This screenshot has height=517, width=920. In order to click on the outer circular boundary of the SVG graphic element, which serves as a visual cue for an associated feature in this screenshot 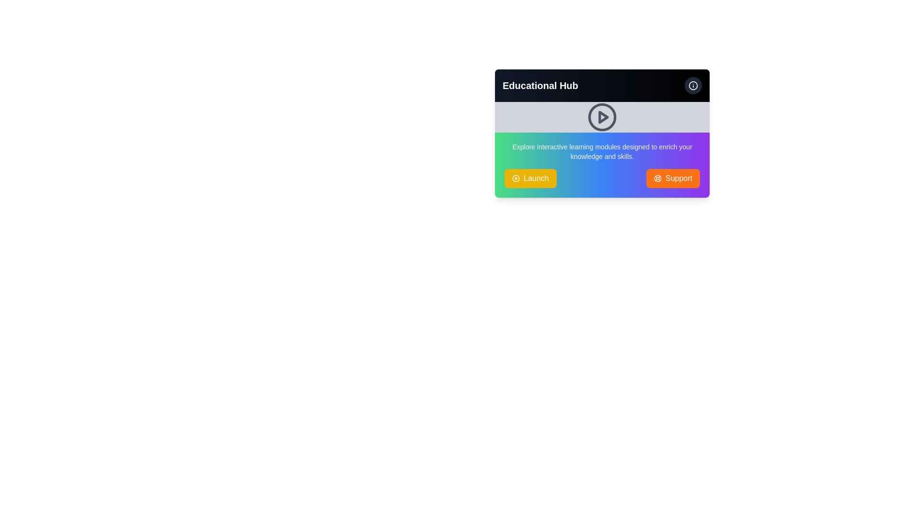, I will do `click(657, 179)`.